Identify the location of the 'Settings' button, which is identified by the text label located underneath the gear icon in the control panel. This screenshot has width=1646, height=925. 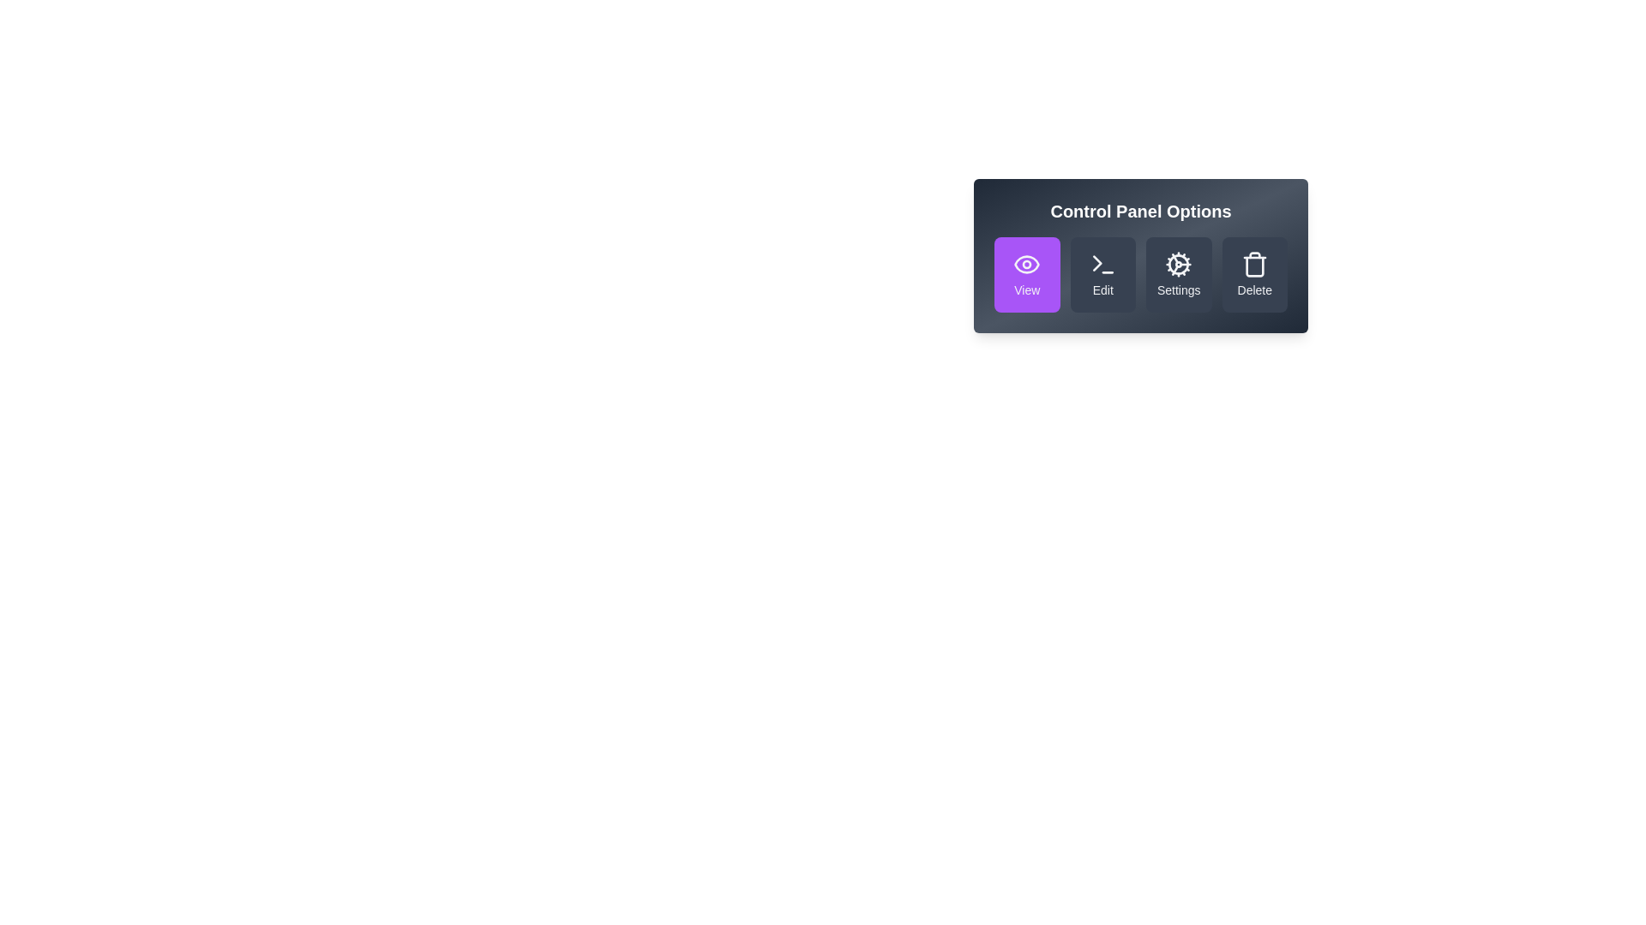
(1177, 289).